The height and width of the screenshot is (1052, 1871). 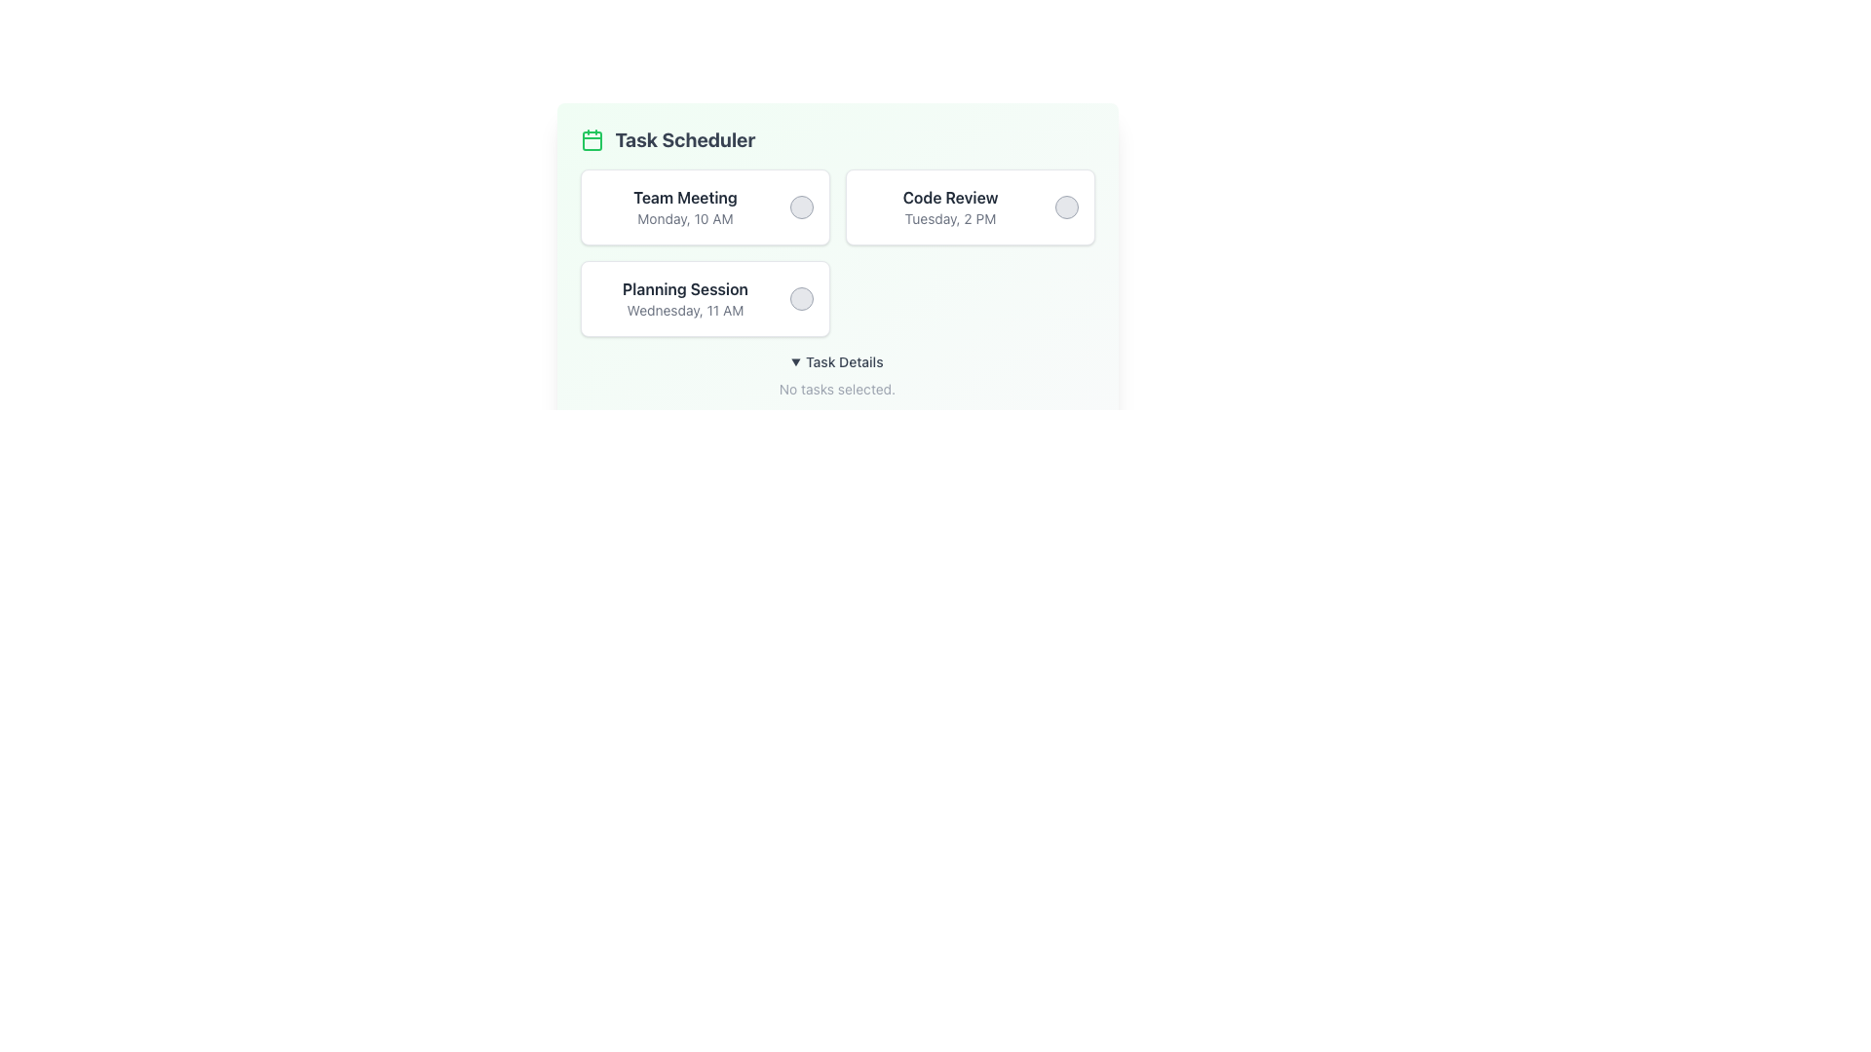 What do you see at coordinates (1065, 207) in the screenshot?
I see `the selection button located in the top-right corner of the 'Code Review' card, adjacent to the text 'Tuesday, 2 PM'` at bounding box center [1065, 207].